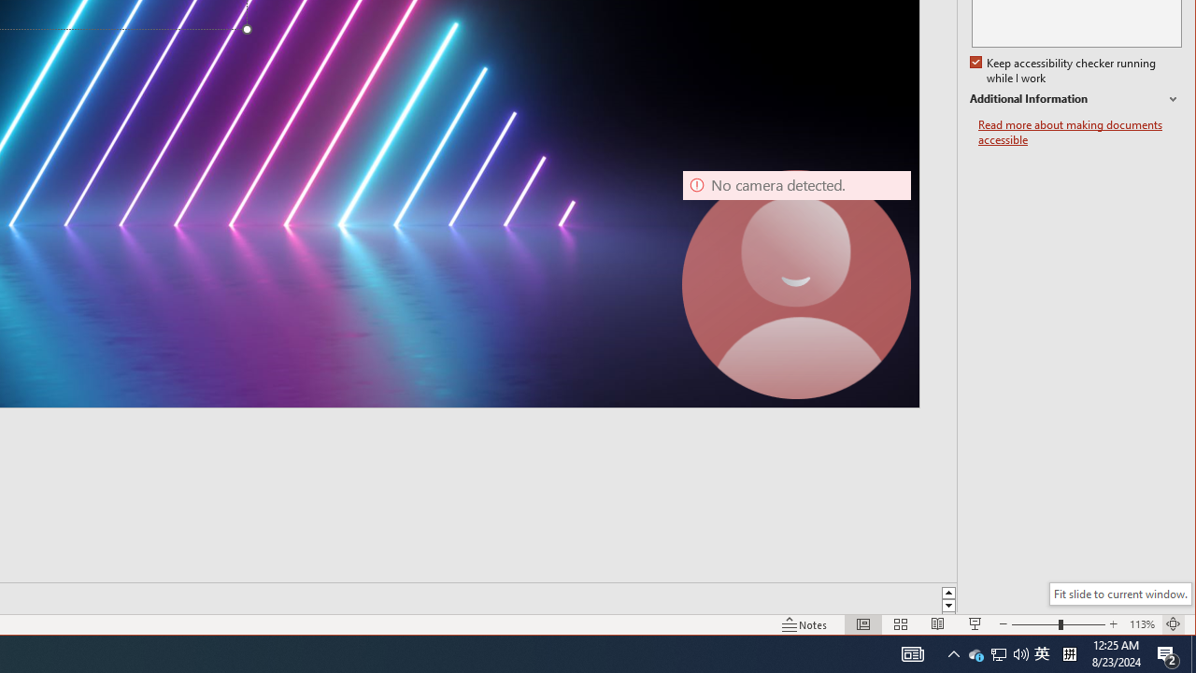 The height and width of the screenshot is (673, 1196). What do you see at coordinates (797, 284) in the screenshot?
I see `'Camera 7, No camera detected.'` at bounding box center [797, 284].